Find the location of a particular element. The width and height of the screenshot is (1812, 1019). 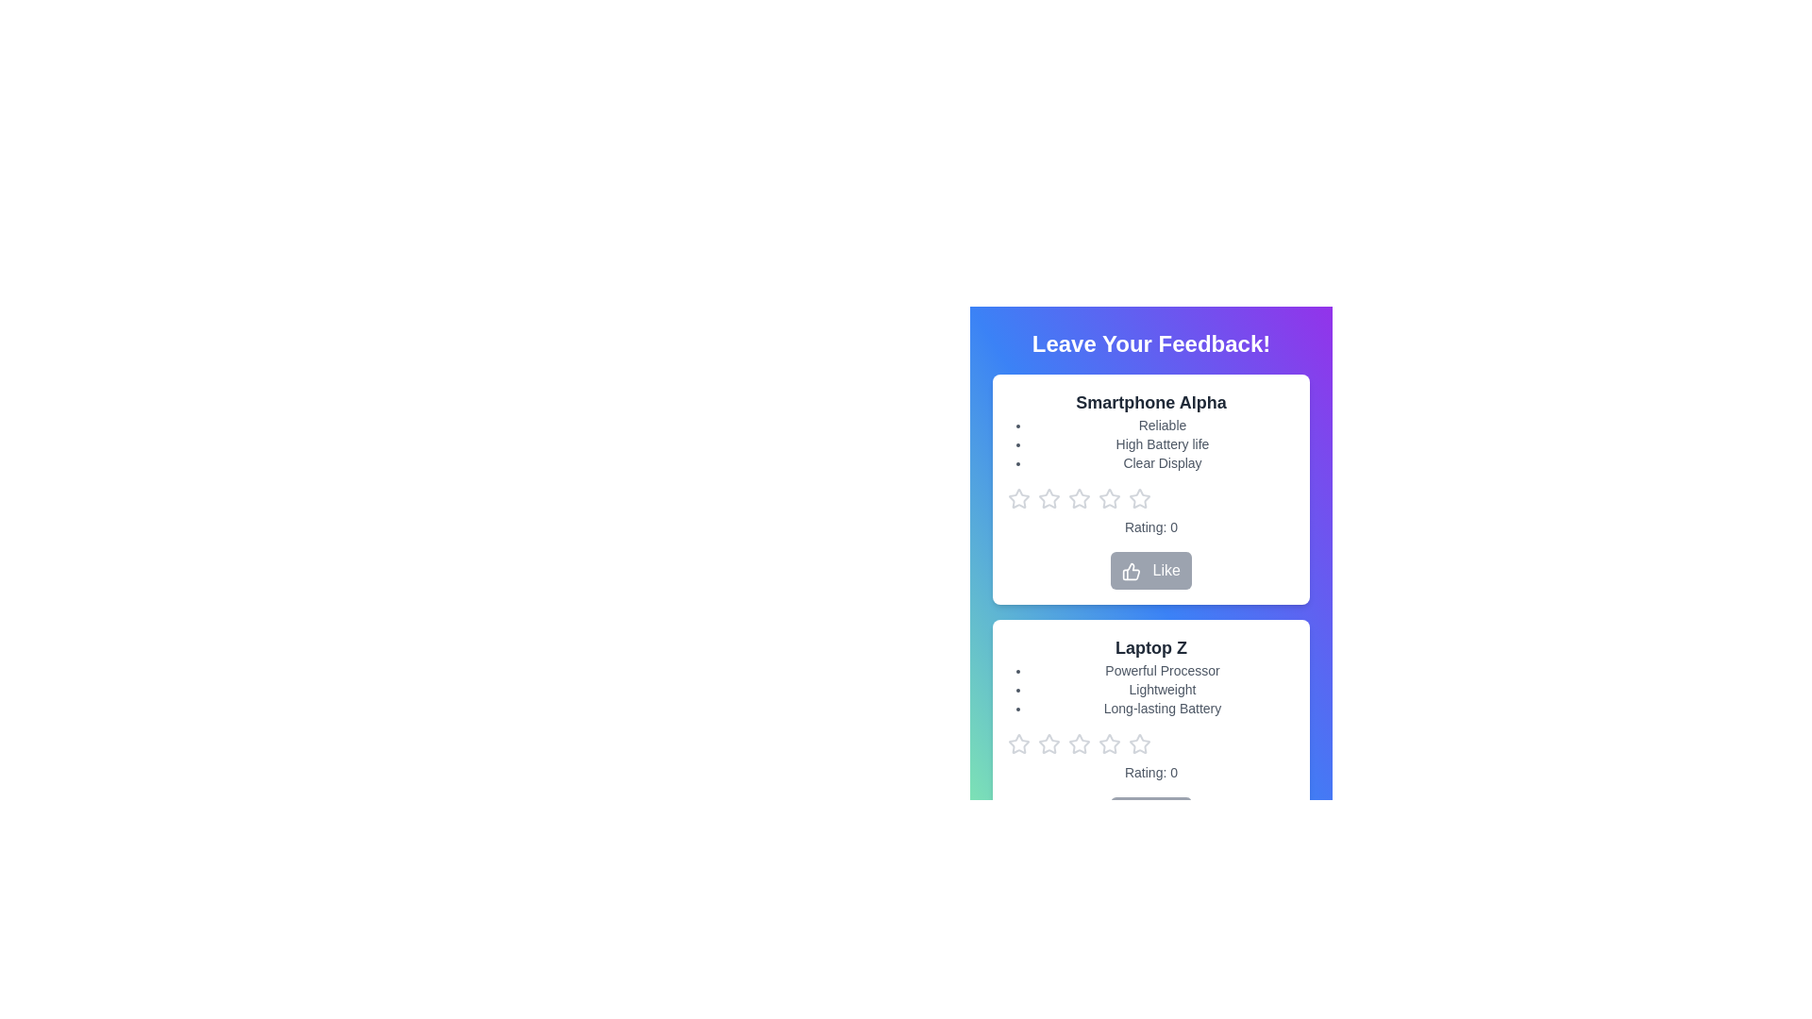

the seventh star icon is located at coordinates (1139, 743).